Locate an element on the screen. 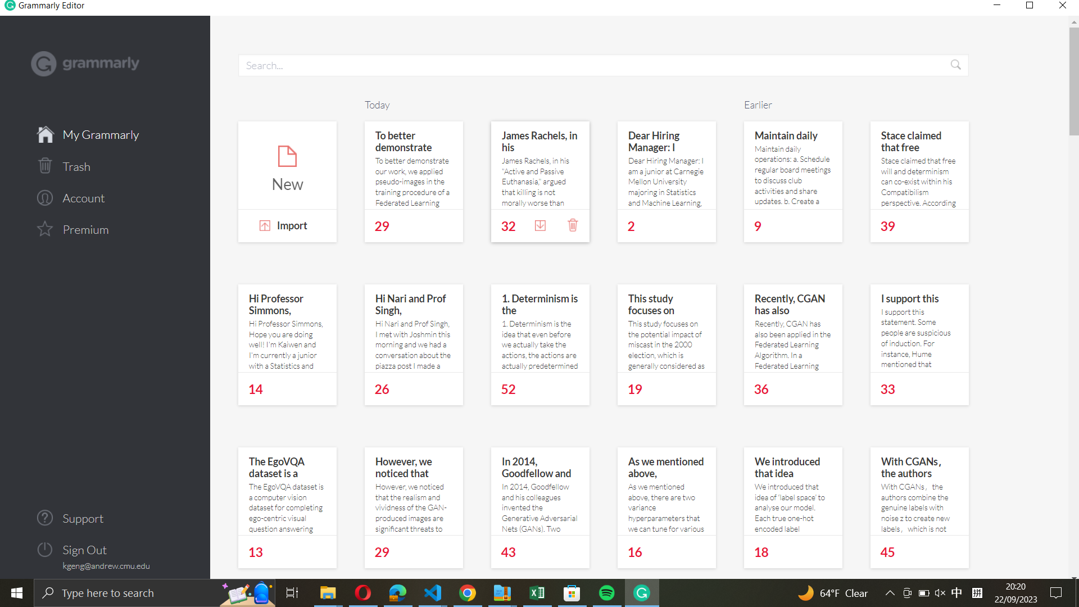 The width and height of the screenshot is (1079, 607). the account data is located at coordinates (105, 196).